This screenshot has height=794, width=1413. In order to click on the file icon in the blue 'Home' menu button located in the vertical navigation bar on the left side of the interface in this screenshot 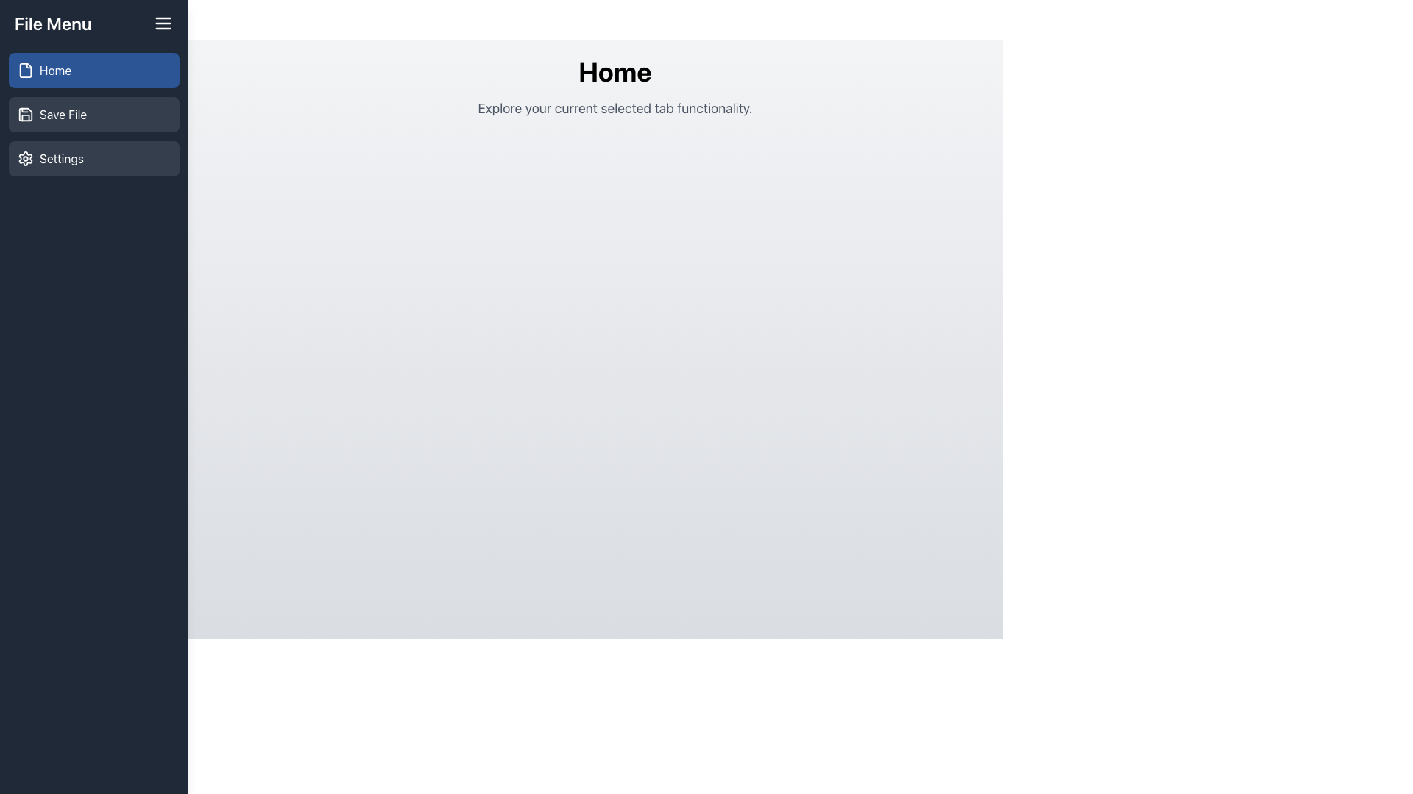, I will do `click(25, 71)`.